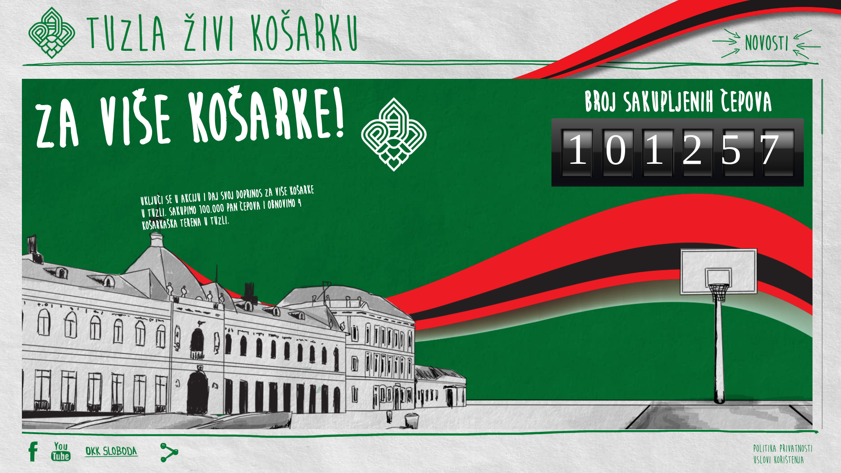 The height and width of the screenshot is (473, 841). Describe the element at coordinates (782, 446) in the screenshot. I see `'Politika privatnosti'` at that location.